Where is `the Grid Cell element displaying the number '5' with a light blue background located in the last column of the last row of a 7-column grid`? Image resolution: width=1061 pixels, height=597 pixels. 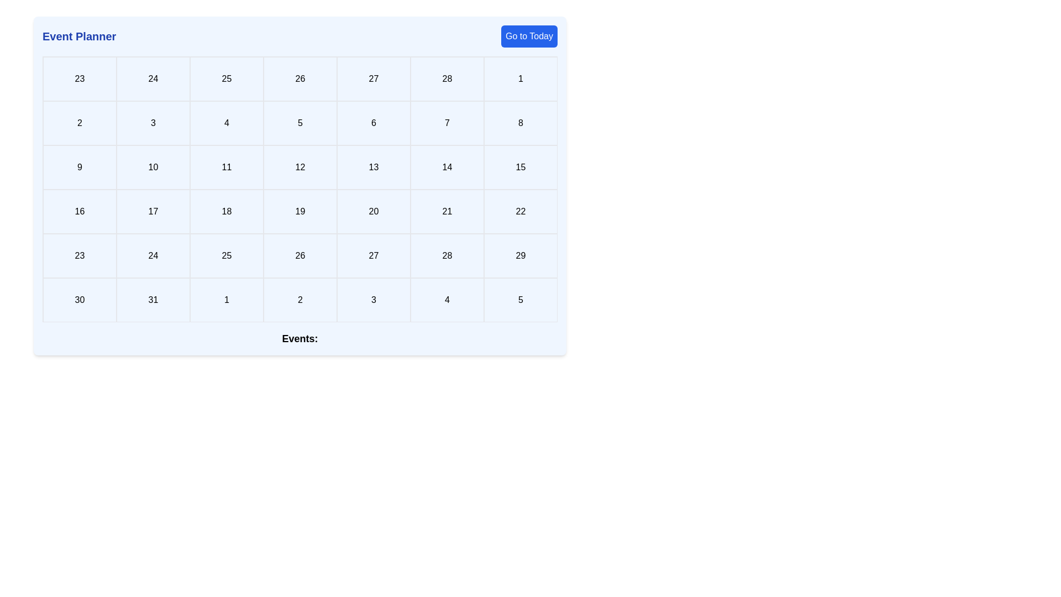
the Grid Cell element displaying the number '5' with a light blue background located in the last column of the last row of a 7-column grid is located at coordinates (520, 300).